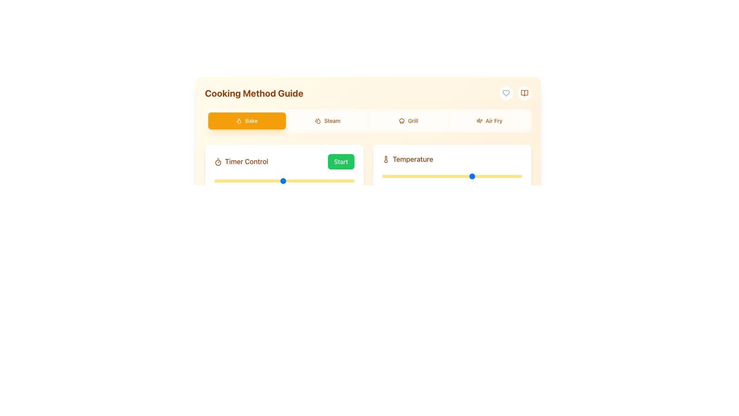  Describe the element at coordinates (506, 93) in the screenshot. I see `the heart-shaped icon located in the top-right area of the interface` at that location.